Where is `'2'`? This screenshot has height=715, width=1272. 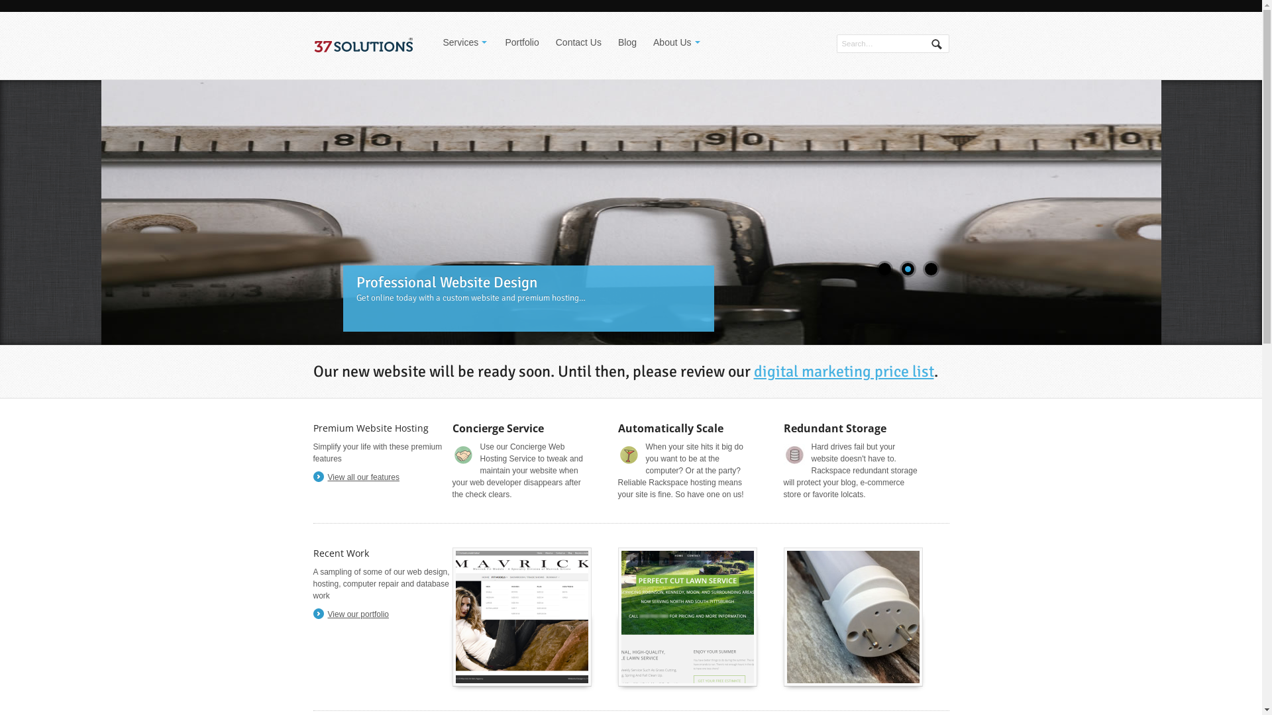 '2' is located at coordinates (900, 268).